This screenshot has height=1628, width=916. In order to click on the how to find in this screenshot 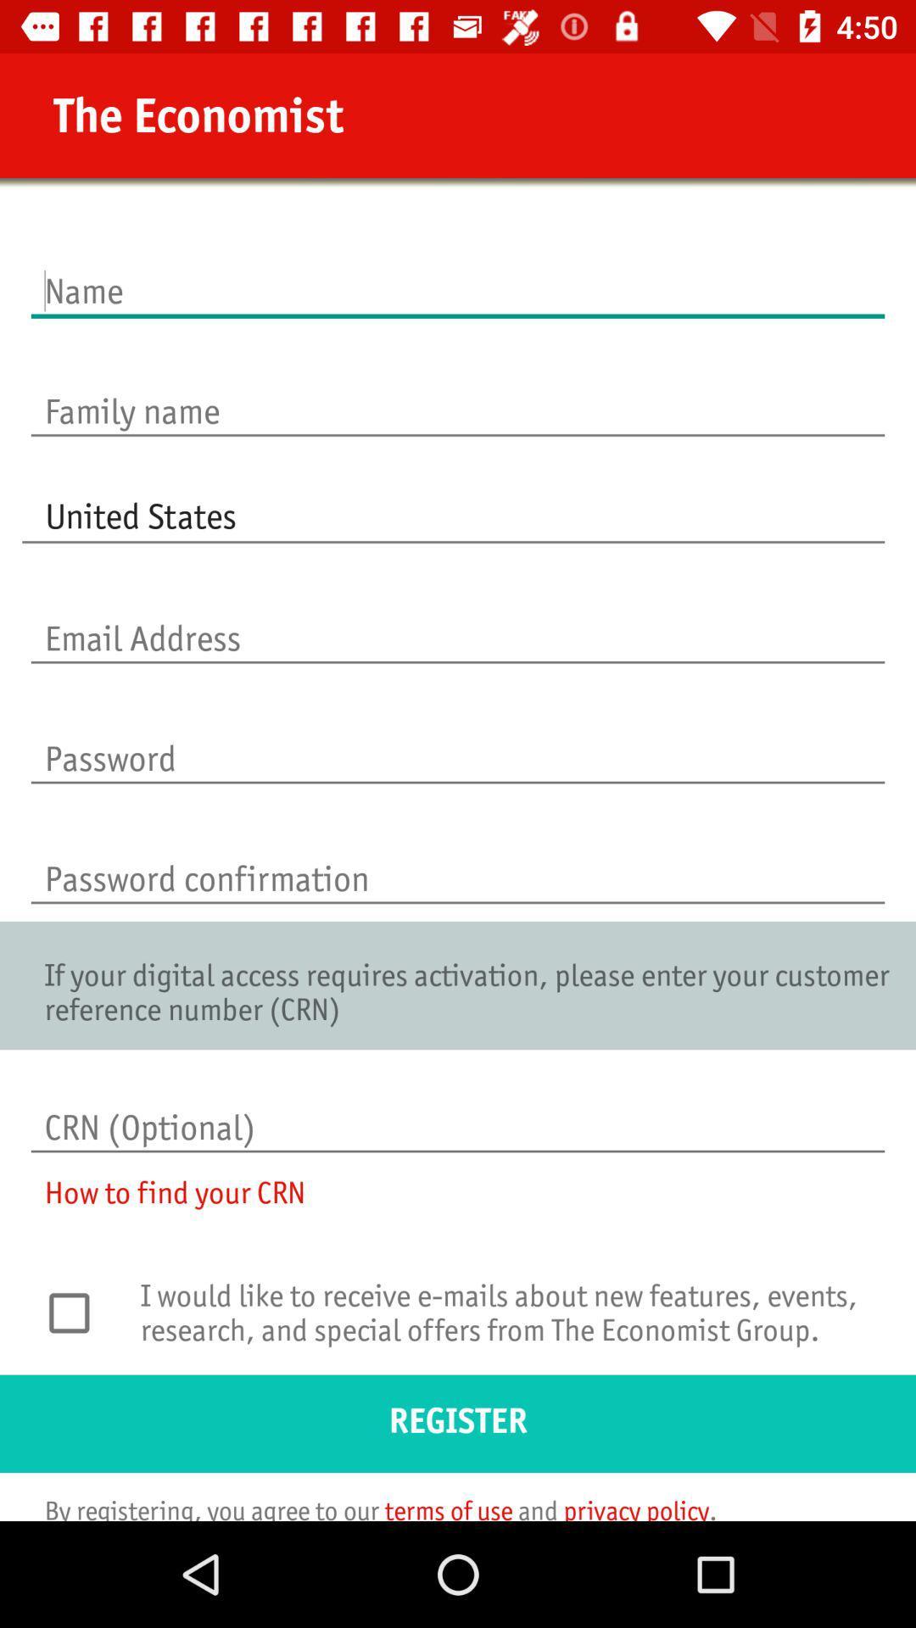, I will do `click(164, 1202)`.